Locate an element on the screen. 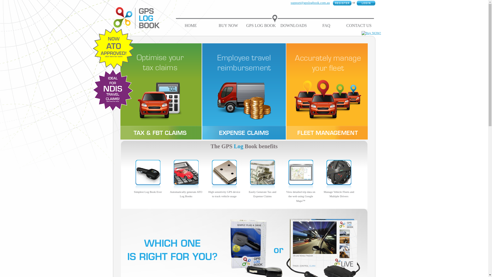 This screenshot has height=277, width=492. 'GPS LOG BOOK' is located at coordinates (261, 25).